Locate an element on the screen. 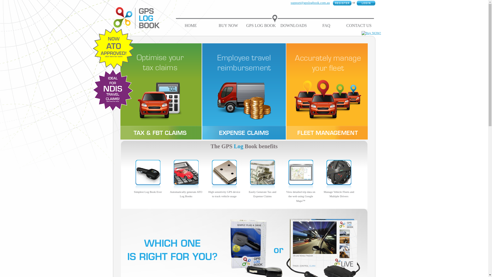 This screenshot has height=277, width=492. 'GPS LOG BOOK' is located at coordinates (261, 25).